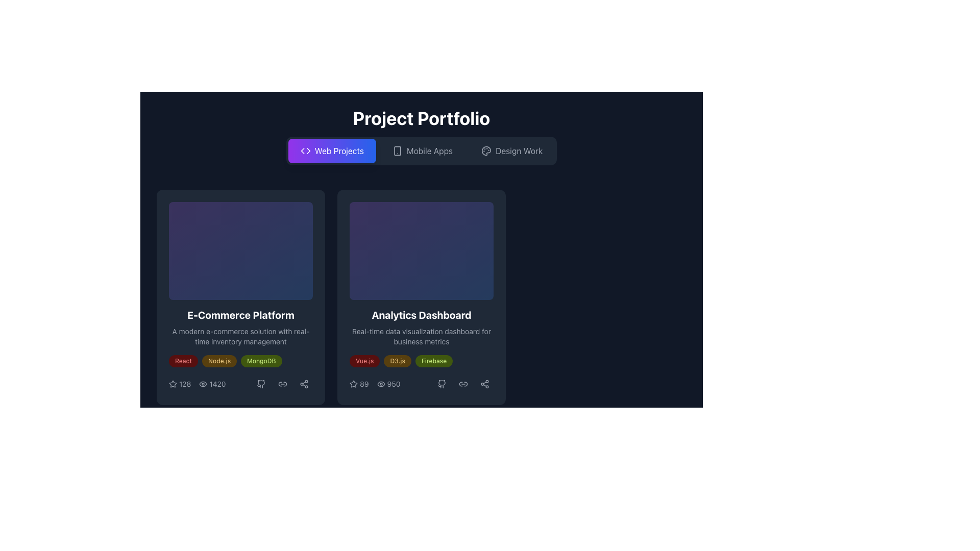  What do you see at coordinates (261, 384) in the screenshot?
I see `the GitHub link icon located in the bottom section of the 'E-Commerce Platform' card, positioned to the right of the numerical counter and to the left of the link icon` at bounding box center [261, 384].